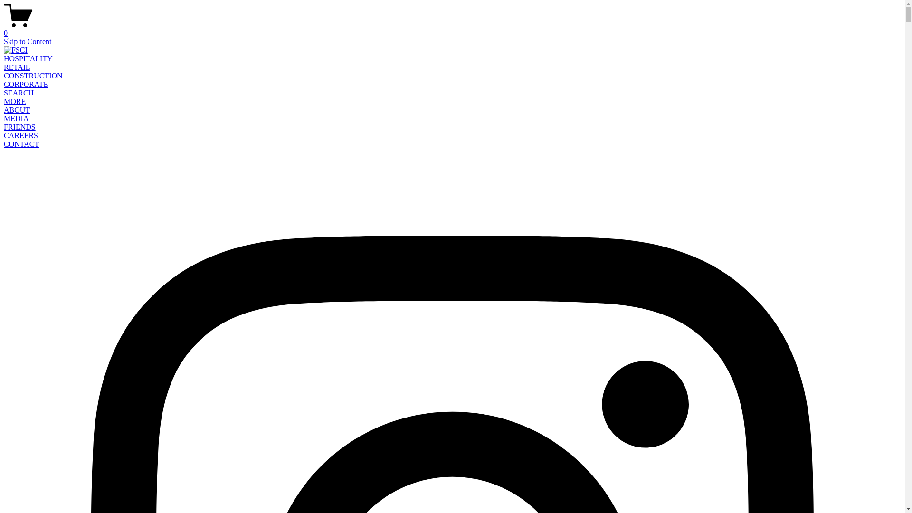 The image size is (912, 513). Describe the element at coordinates (14, 101) in the screenshot. I see `'MORE'` at that location.